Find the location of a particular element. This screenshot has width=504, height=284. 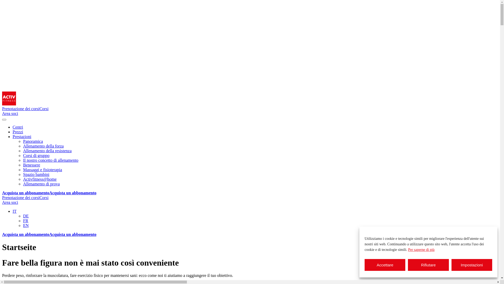

'Il nostro concetto di allenamento' is located at coordinates (23, 160).